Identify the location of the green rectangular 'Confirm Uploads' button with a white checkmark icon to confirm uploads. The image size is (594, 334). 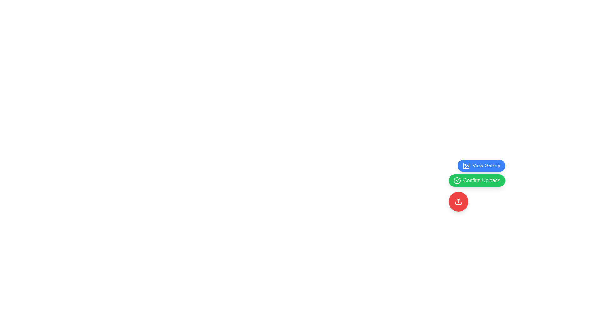
(476, 180).